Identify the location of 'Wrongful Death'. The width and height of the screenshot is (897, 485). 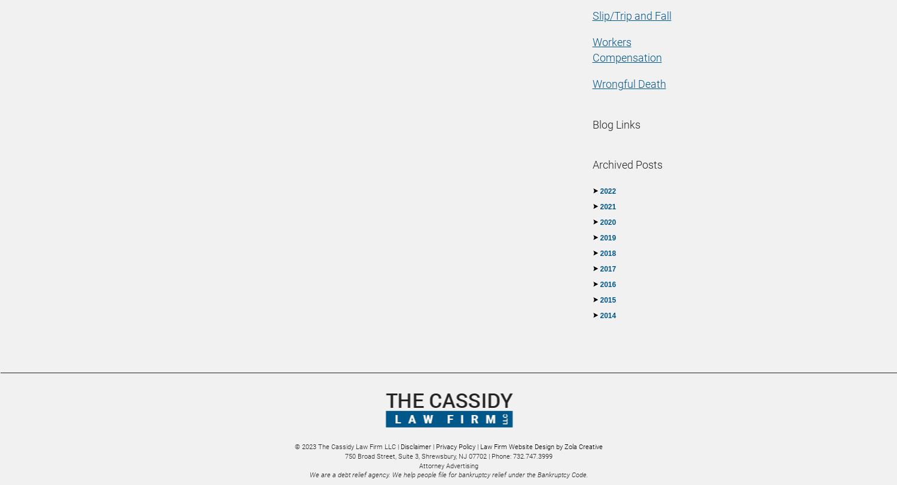
(628, 84).